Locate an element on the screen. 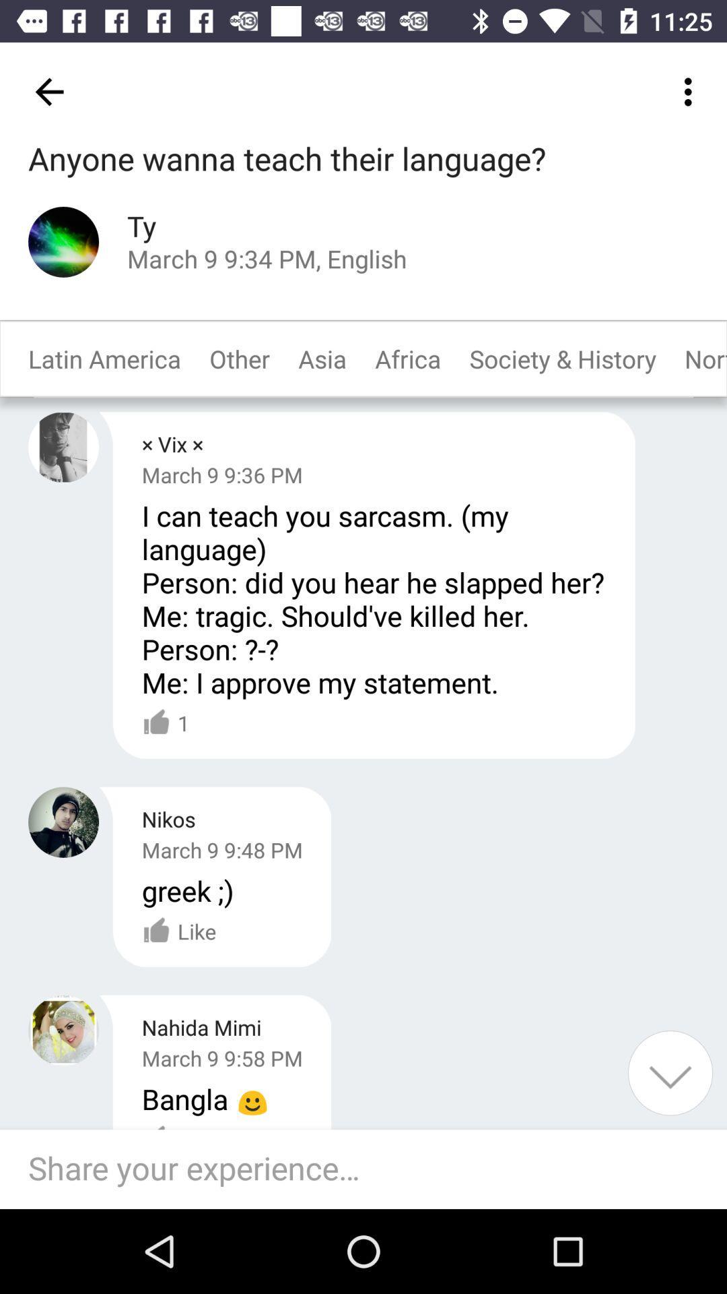  the icon below like is located at coordinates (370, 1169).